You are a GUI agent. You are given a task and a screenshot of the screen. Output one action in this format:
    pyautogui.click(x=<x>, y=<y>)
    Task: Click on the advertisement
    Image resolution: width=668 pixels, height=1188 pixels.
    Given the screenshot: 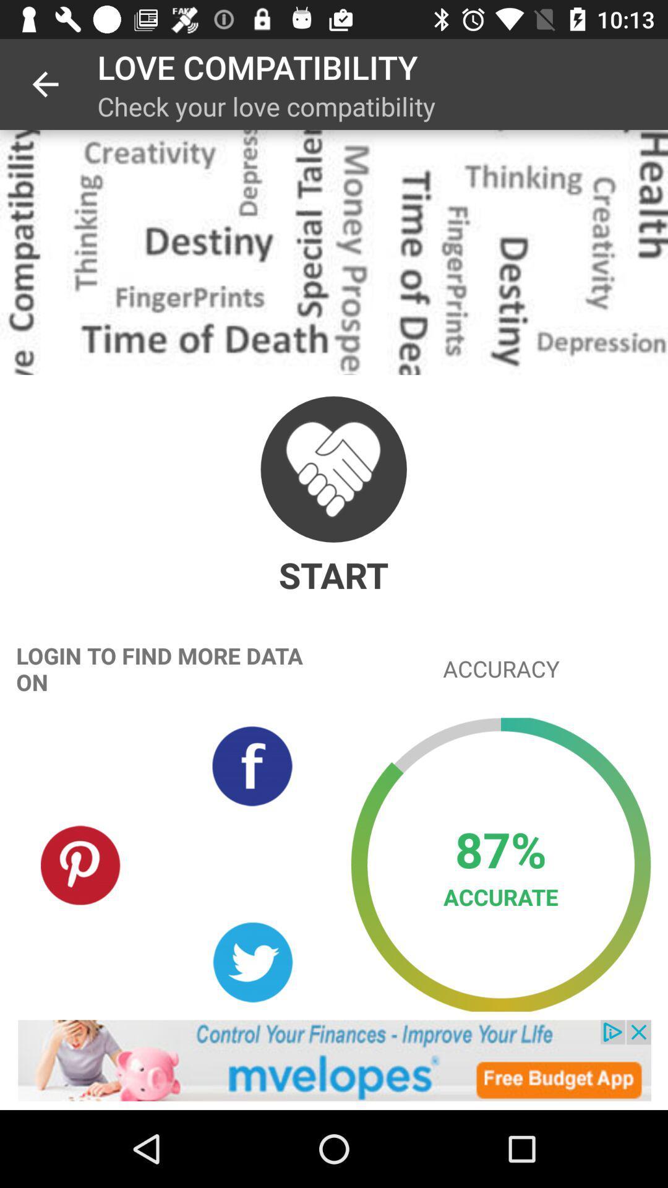 What is the action you would take?
    pyautogui.click(x=334, y=1060)
    